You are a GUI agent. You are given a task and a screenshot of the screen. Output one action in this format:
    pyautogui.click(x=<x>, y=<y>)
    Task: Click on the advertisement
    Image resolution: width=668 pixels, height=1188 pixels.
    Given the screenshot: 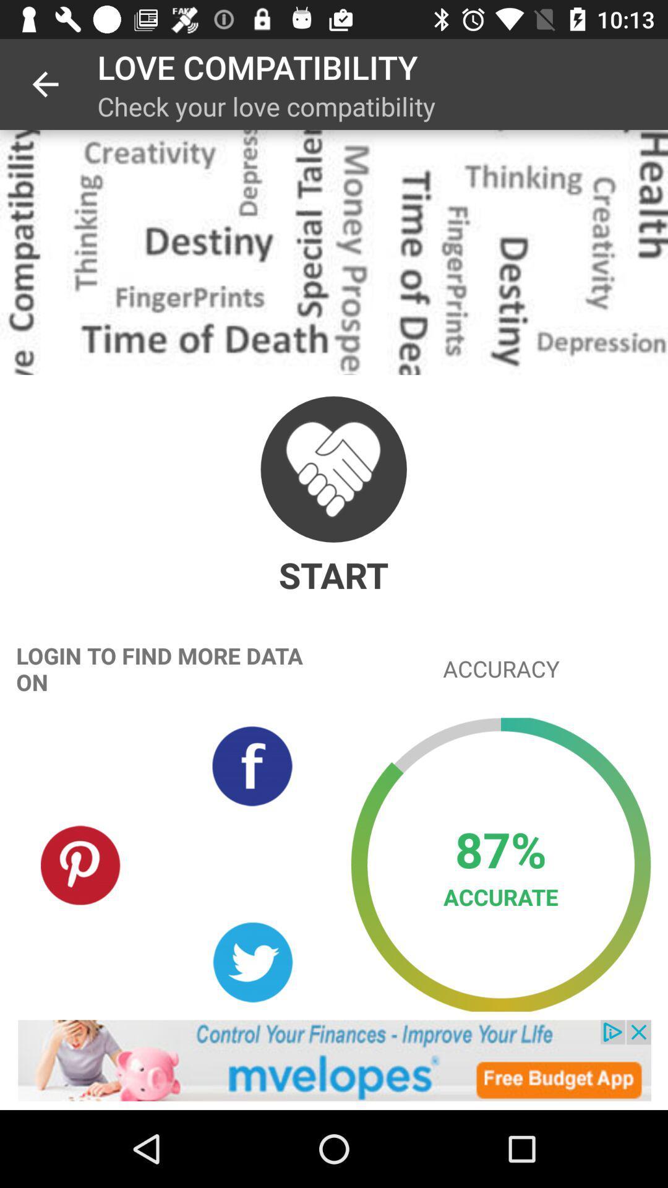 What is the action you would take?
    pyautogui.click(x=334, y=1060)
    